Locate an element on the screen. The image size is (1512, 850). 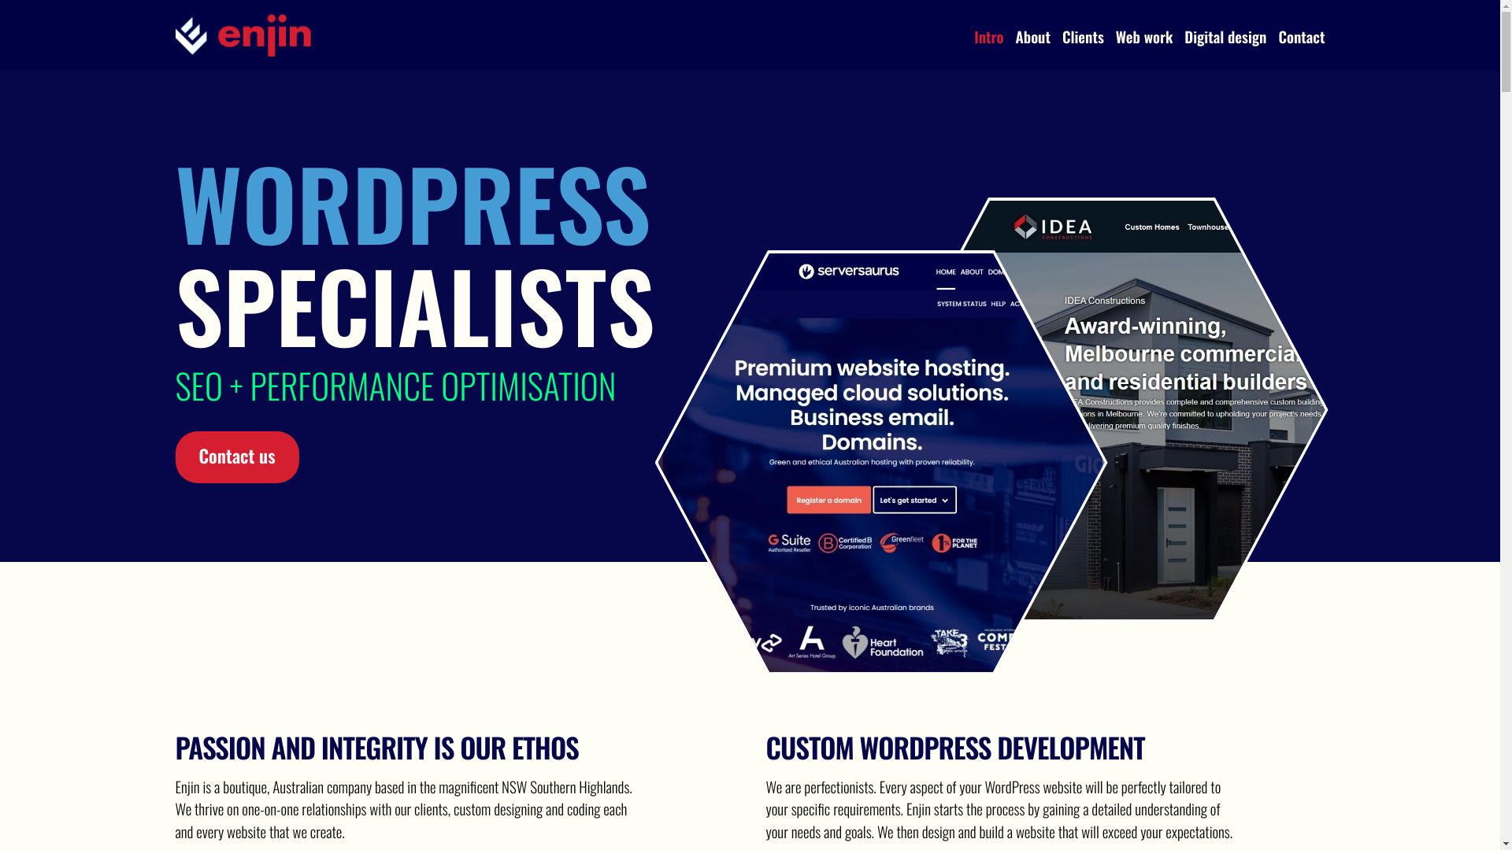
'Clients' is located at coordinates (1062, 36).